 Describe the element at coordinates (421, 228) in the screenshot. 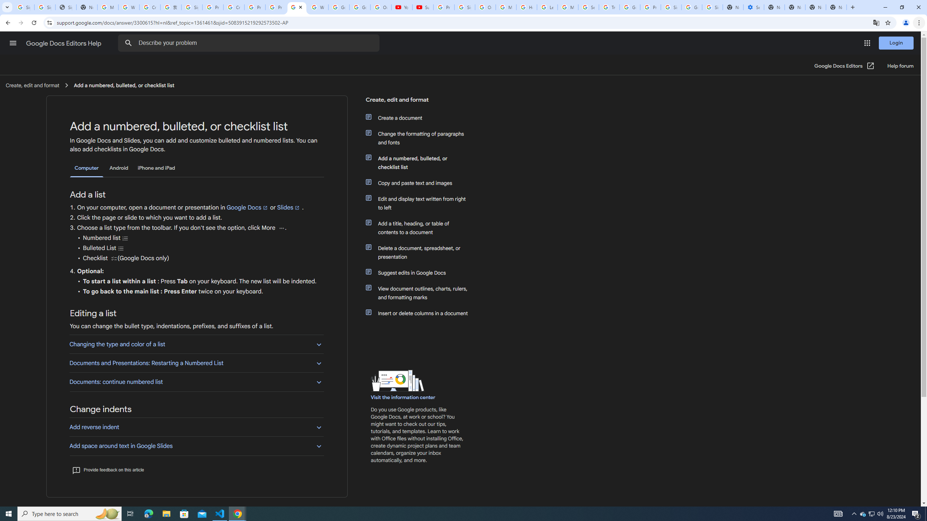

I see `'Add a title, heading, or table of contents to a document'` at that location.